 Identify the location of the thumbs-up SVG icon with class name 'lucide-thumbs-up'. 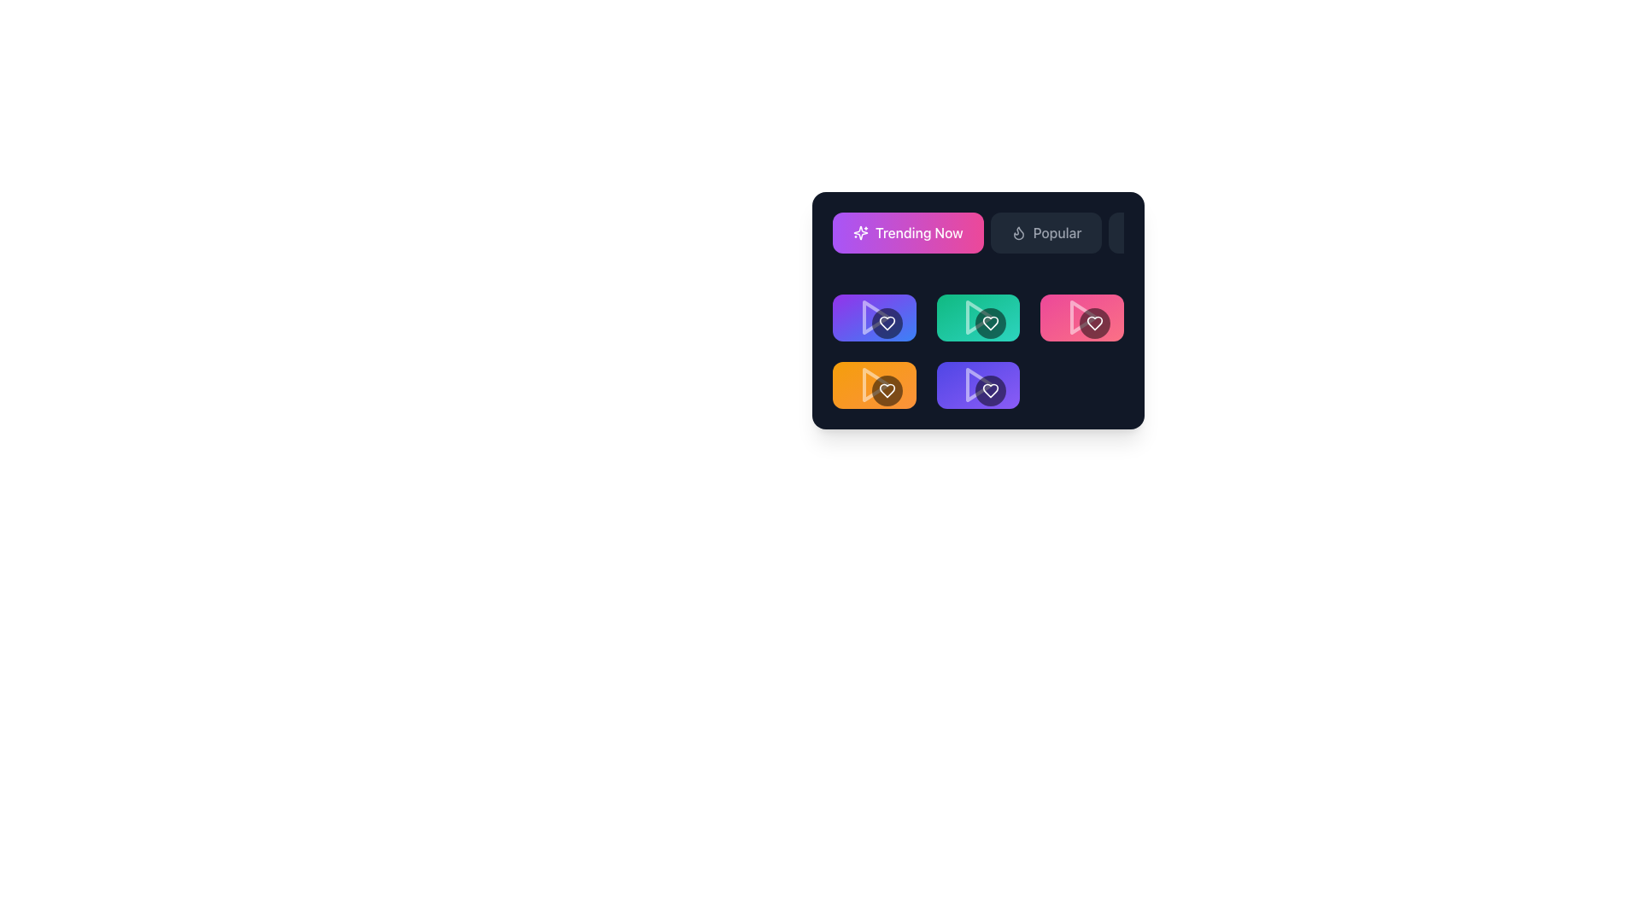
(866, 376).